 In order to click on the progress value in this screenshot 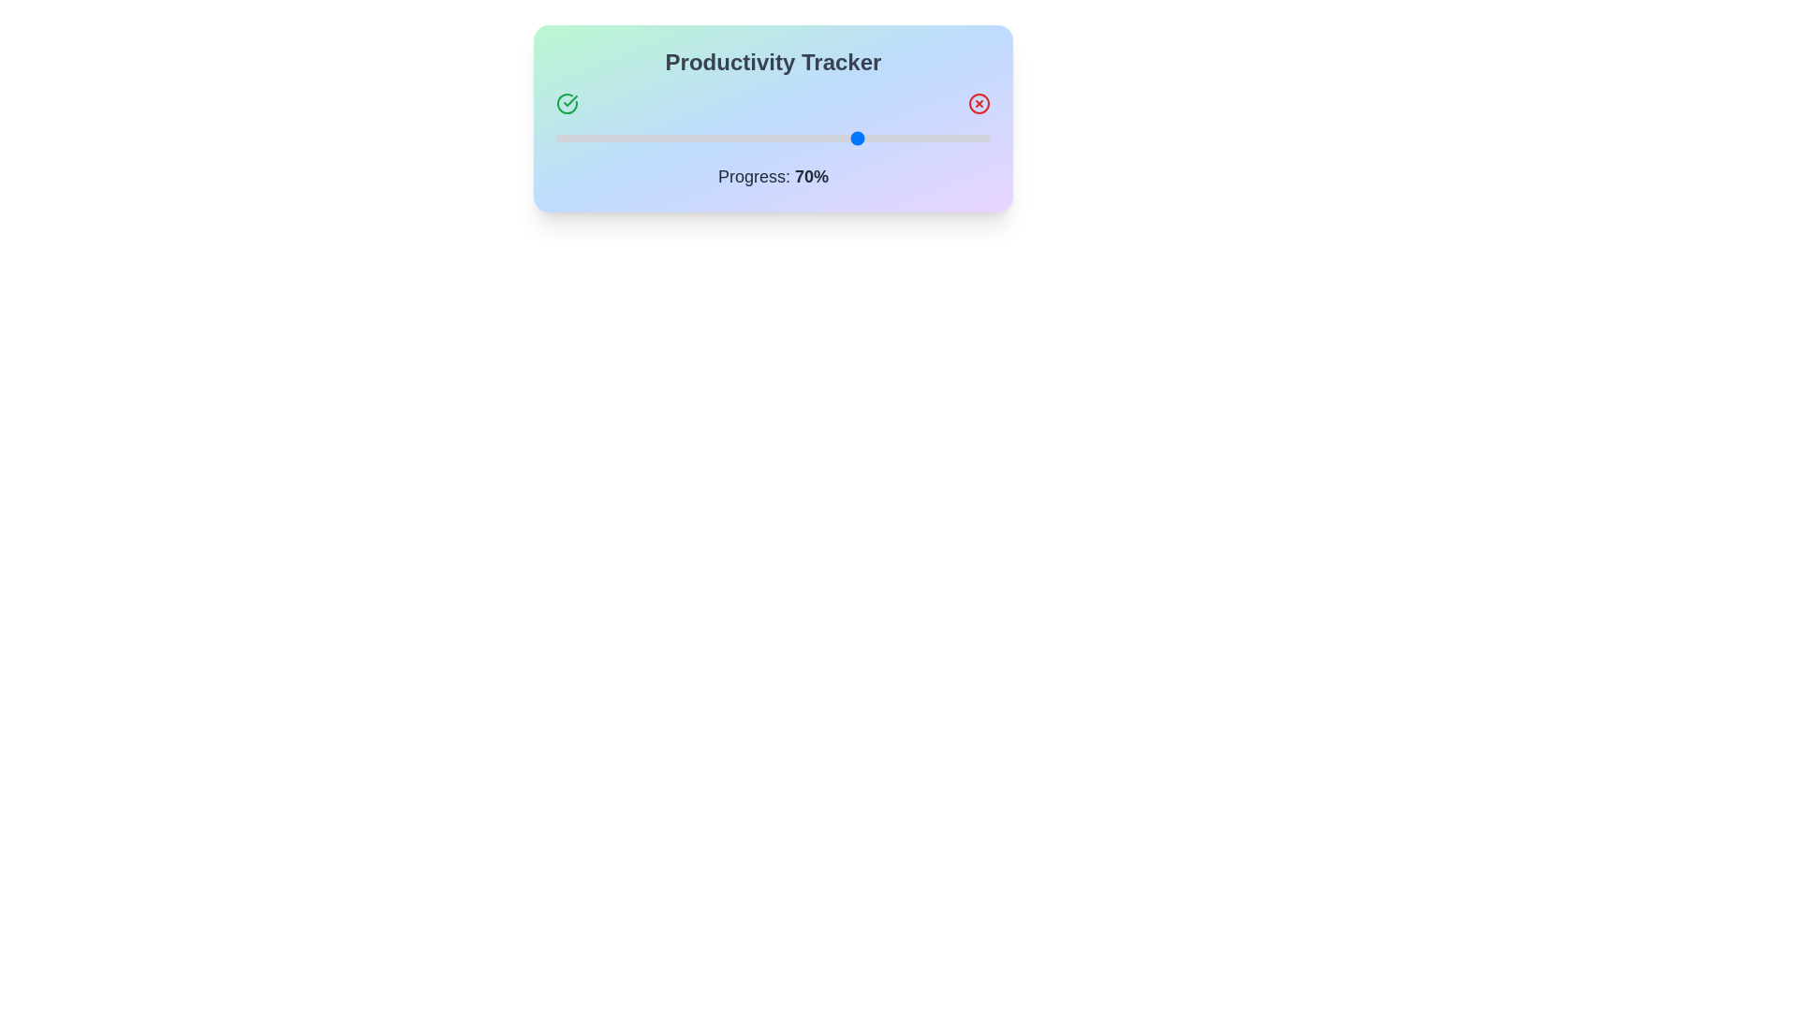, I will do `click(581, 137)`.